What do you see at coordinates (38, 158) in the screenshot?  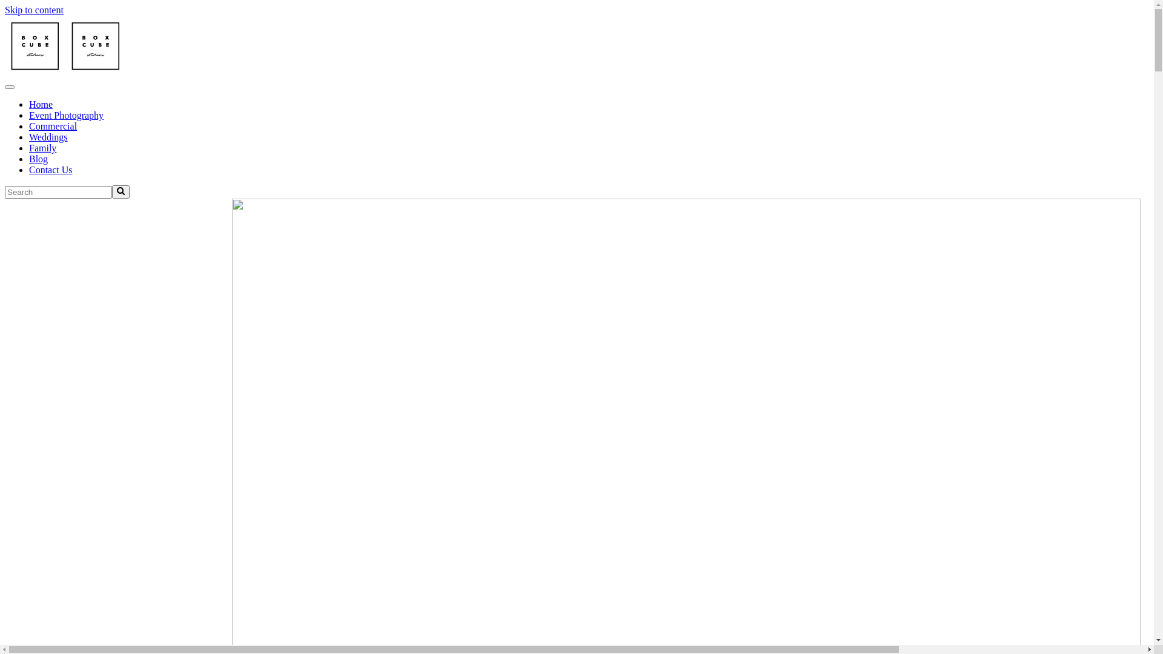 I see `'Blog'` at bounding box center [38, 158].